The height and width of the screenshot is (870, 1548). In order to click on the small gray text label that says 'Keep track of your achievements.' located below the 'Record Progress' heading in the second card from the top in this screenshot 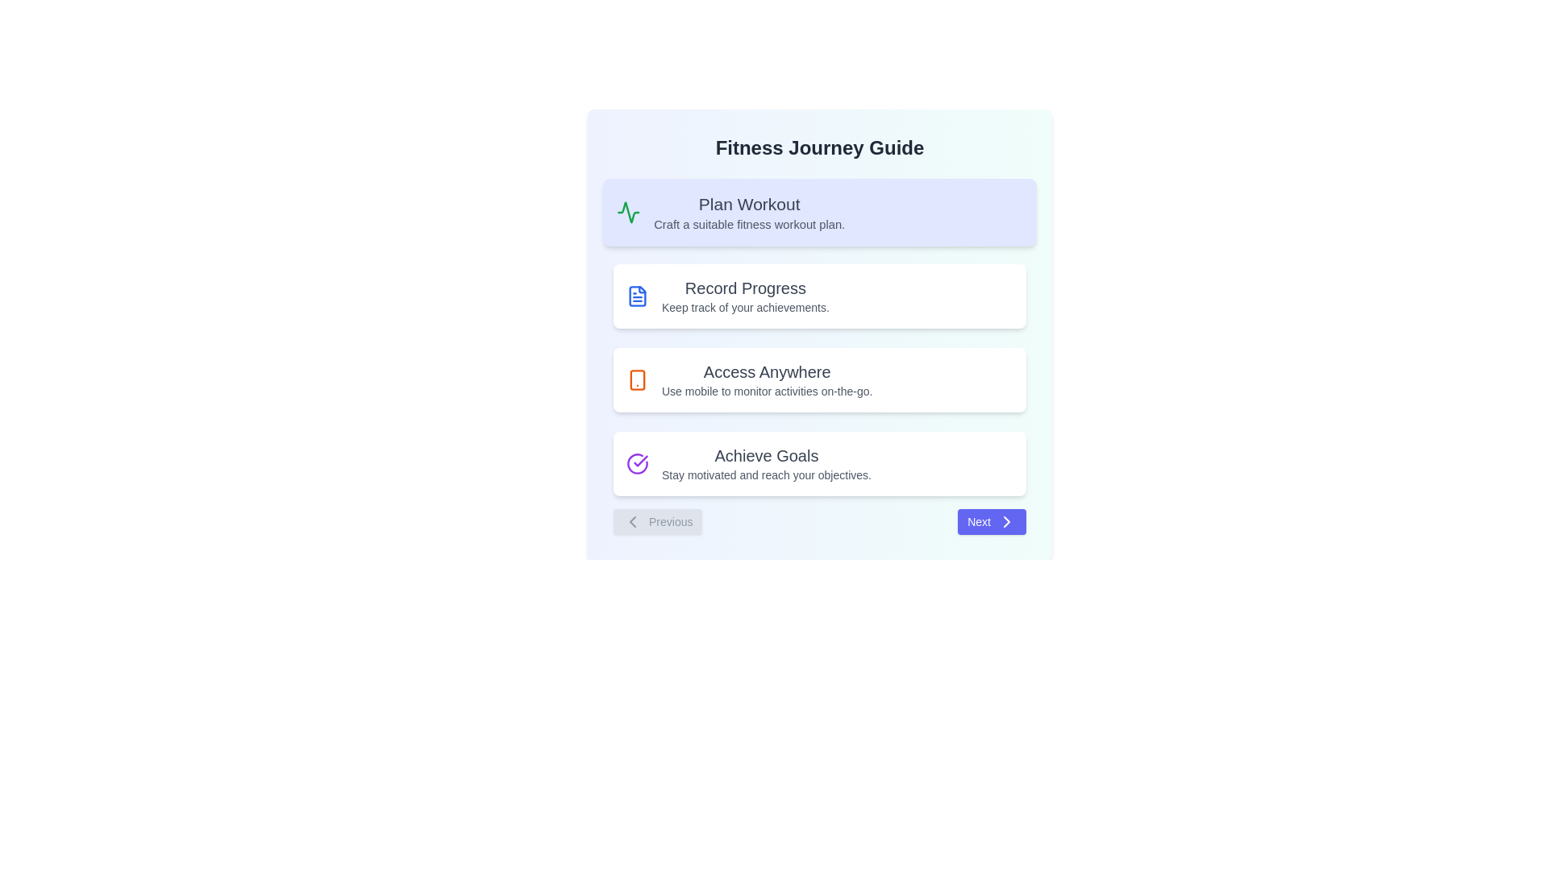, I will do `click(744, 307)`.